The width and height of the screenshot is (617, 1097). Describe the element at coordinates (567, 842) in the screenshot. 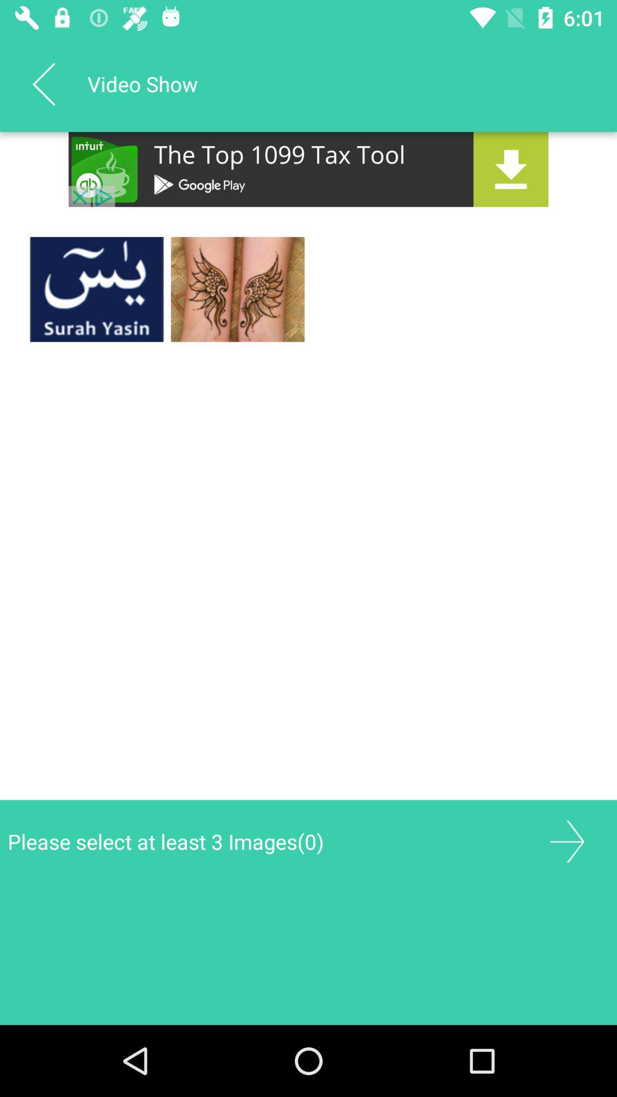

I see `gallery` at that location.